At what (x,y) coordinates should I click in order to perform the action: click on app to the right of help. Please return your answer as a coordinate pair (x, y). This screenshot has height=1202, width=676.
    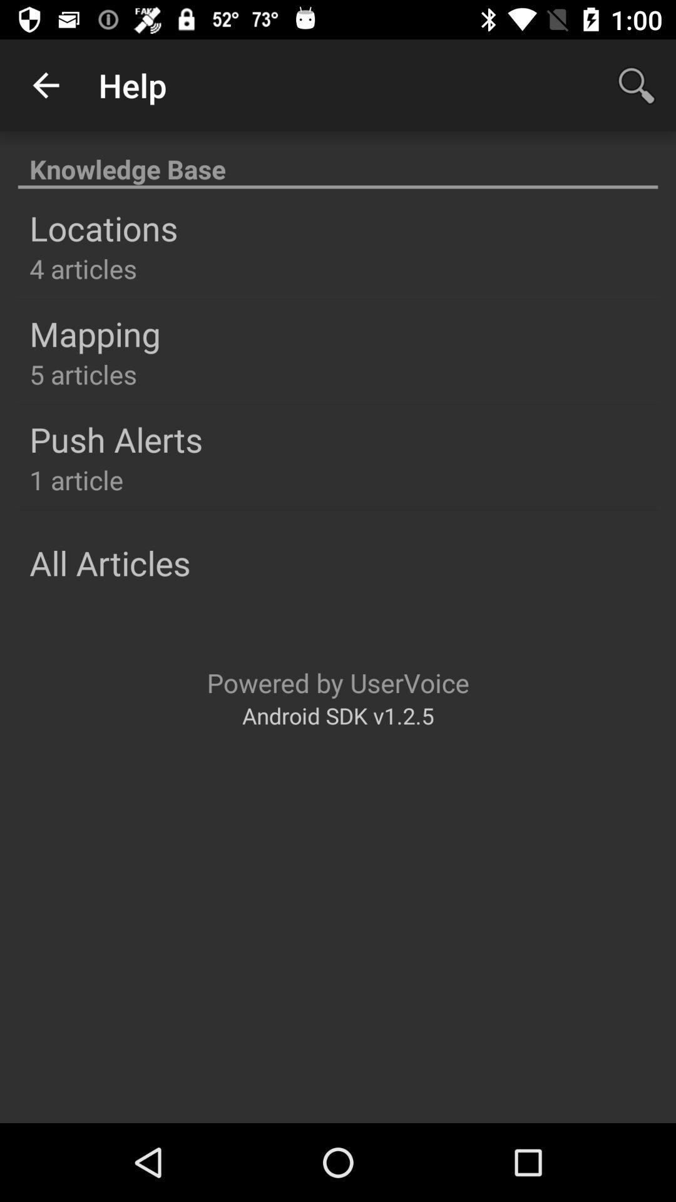
    Looking at the image, I should click on (637, 85).